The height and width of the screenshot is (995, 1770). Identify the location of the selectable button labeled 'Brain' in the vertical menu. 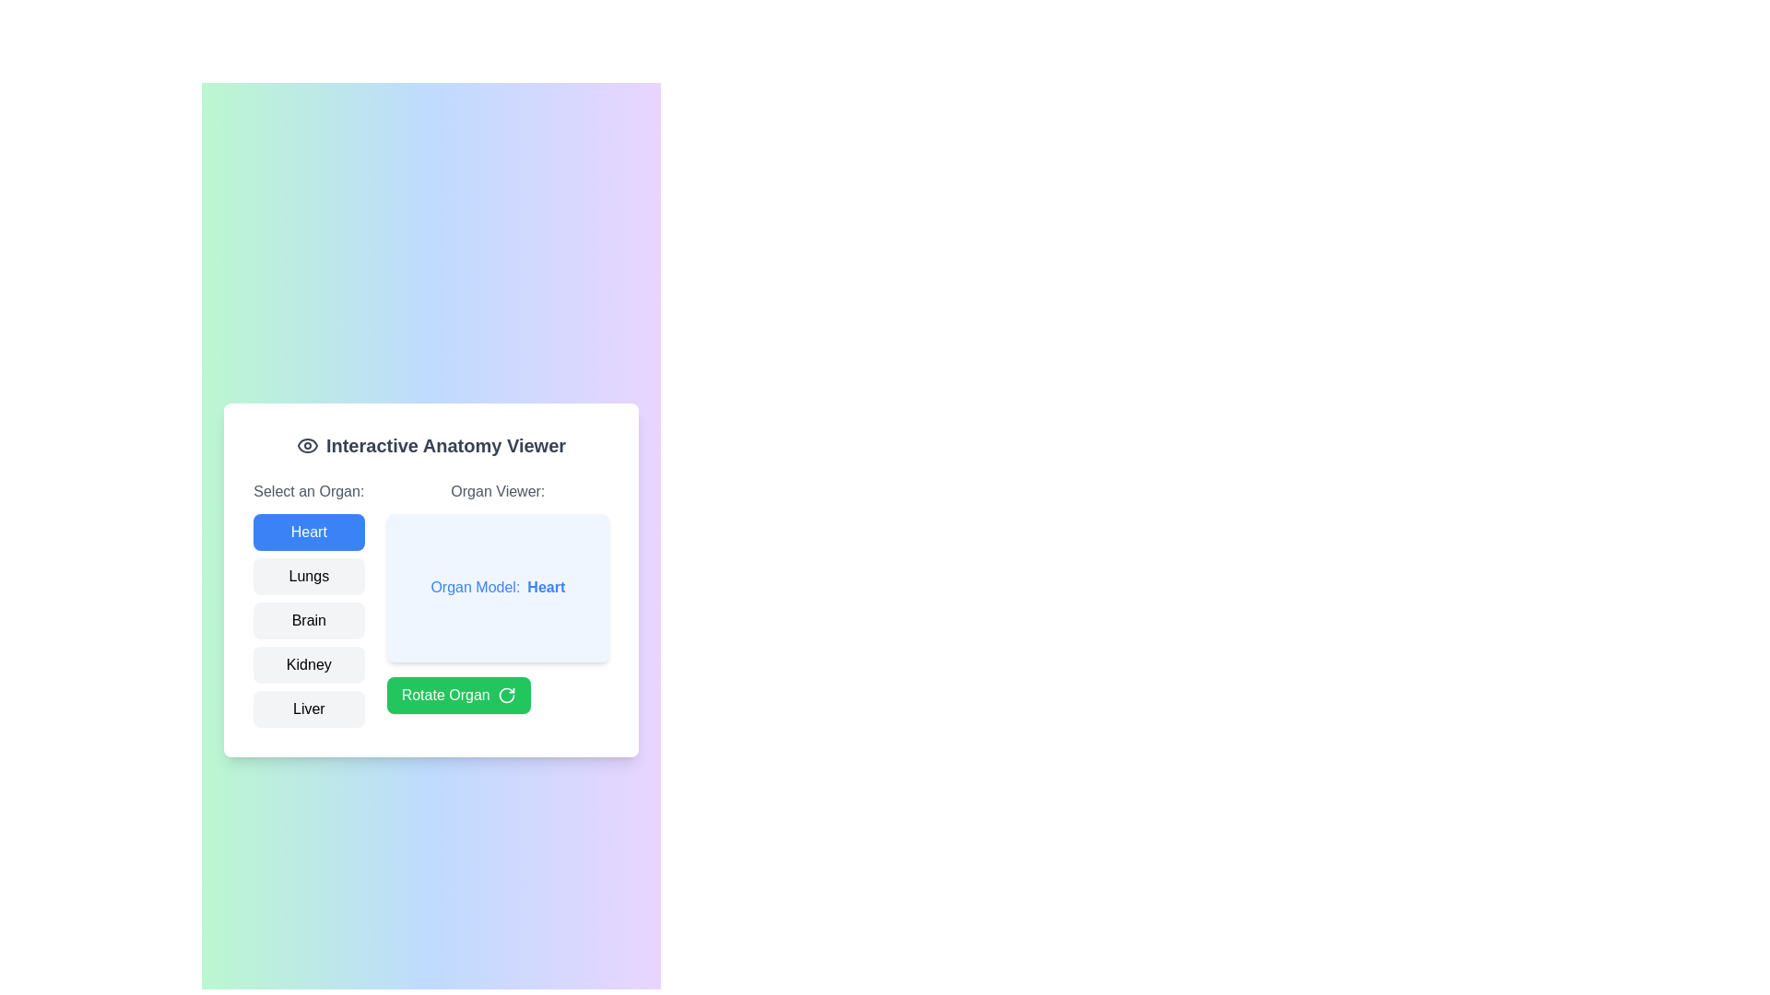
(309, 603).